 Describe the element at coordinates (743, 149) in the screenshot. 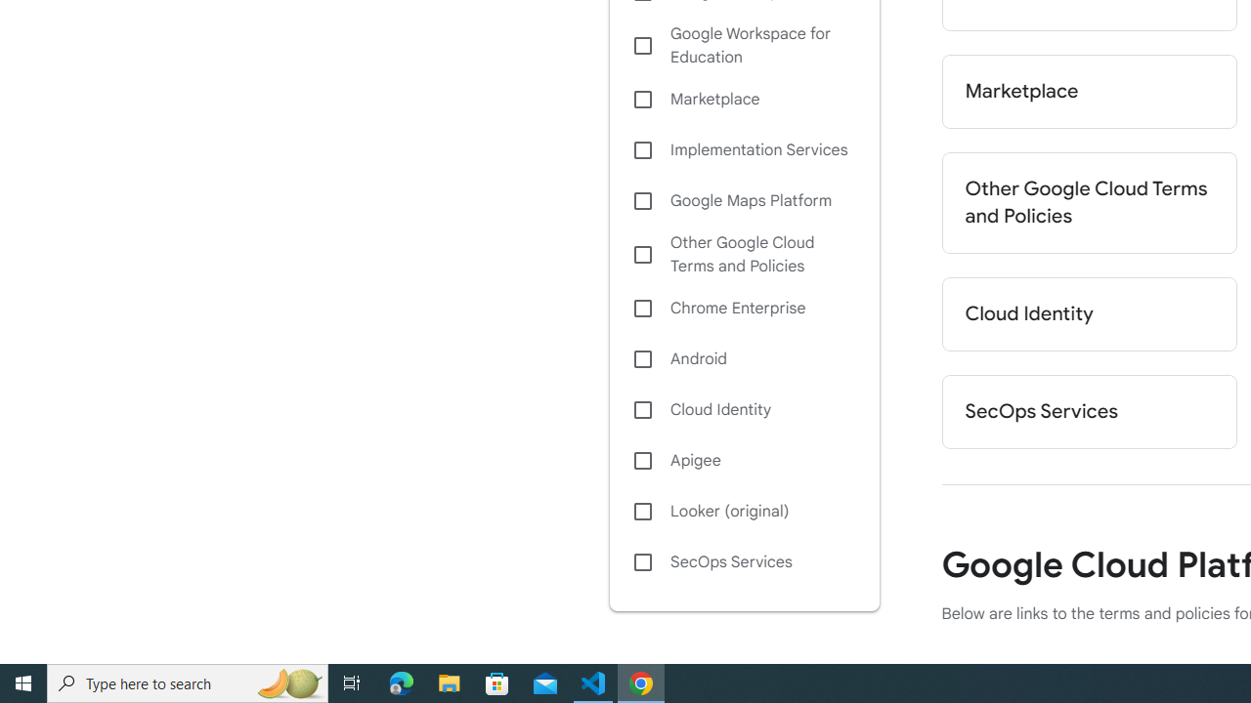

I see `'Implementation Services'` at that location.